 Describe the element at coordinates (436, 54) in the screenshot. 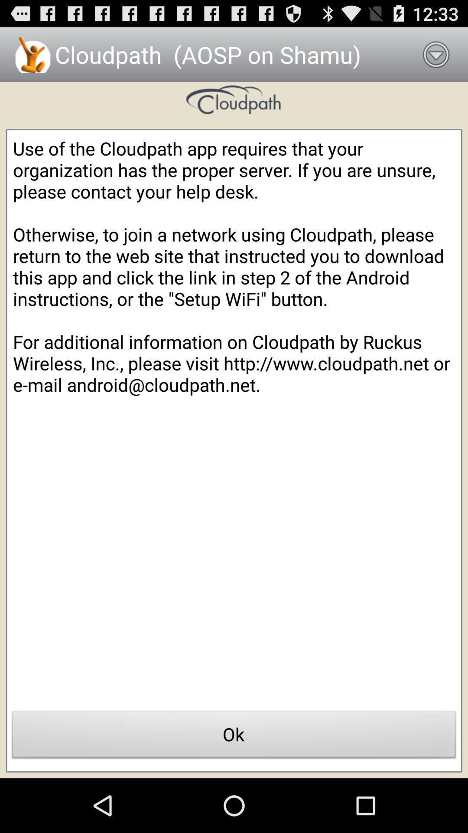

I see `the item next to cloudpath aosp on icon` at that location.